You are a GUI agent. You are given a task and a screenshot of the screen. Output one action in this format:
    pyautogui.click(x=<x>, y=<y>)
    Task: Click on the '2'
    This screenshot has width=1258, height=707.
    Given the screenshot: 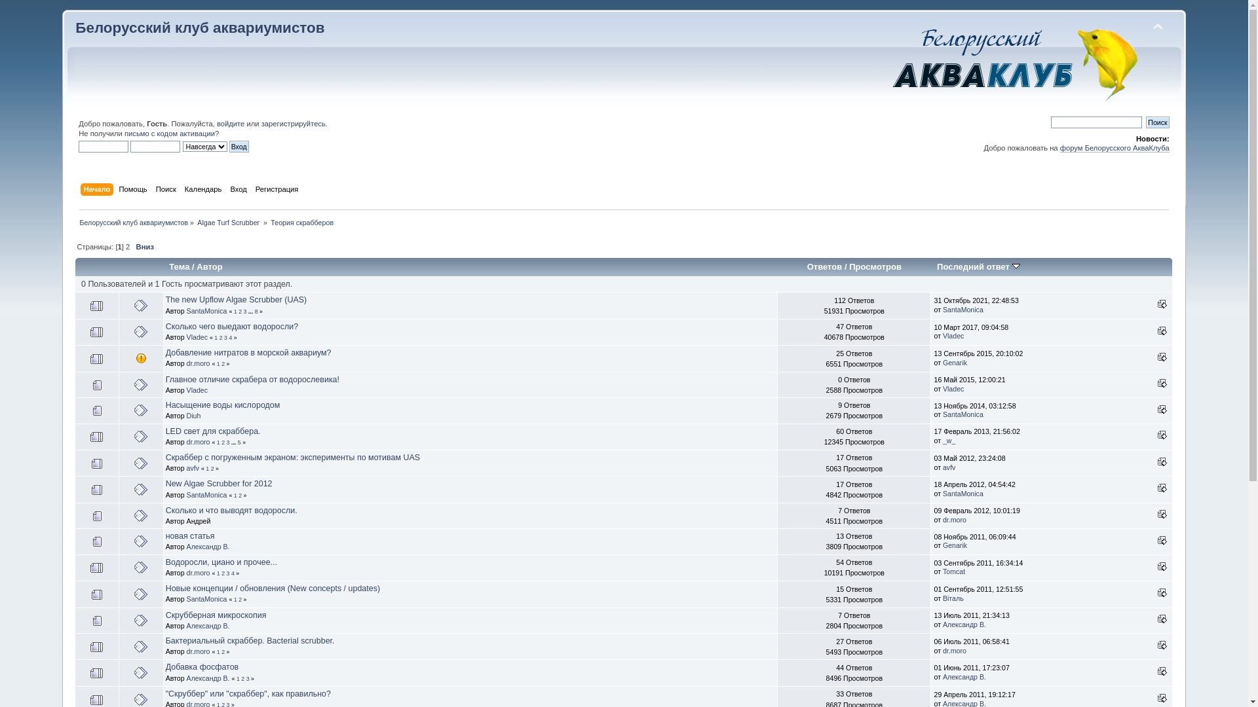 What is the action you would take?
    pyautogui.click(x=223, y=442)
    